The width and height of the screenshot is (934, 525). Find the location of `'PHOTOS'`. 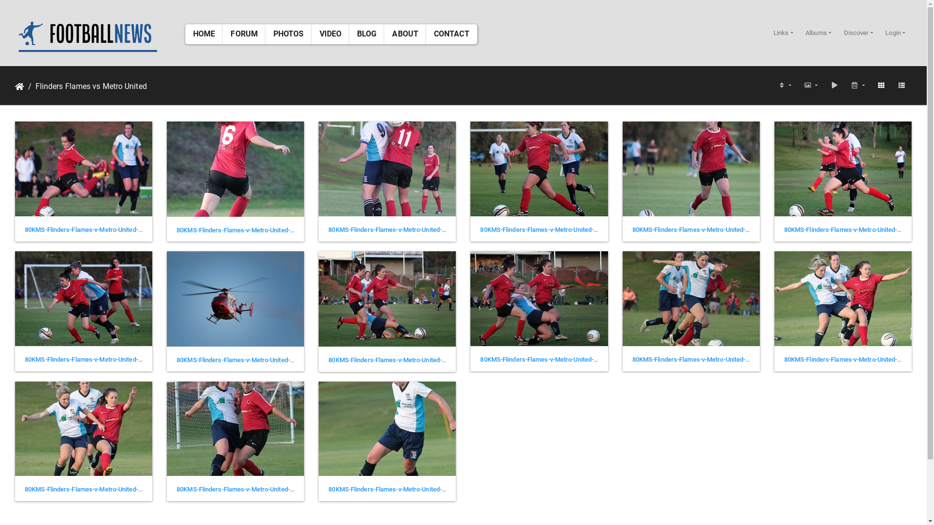

'PHOTOS' is located at coordinates (266, 33).